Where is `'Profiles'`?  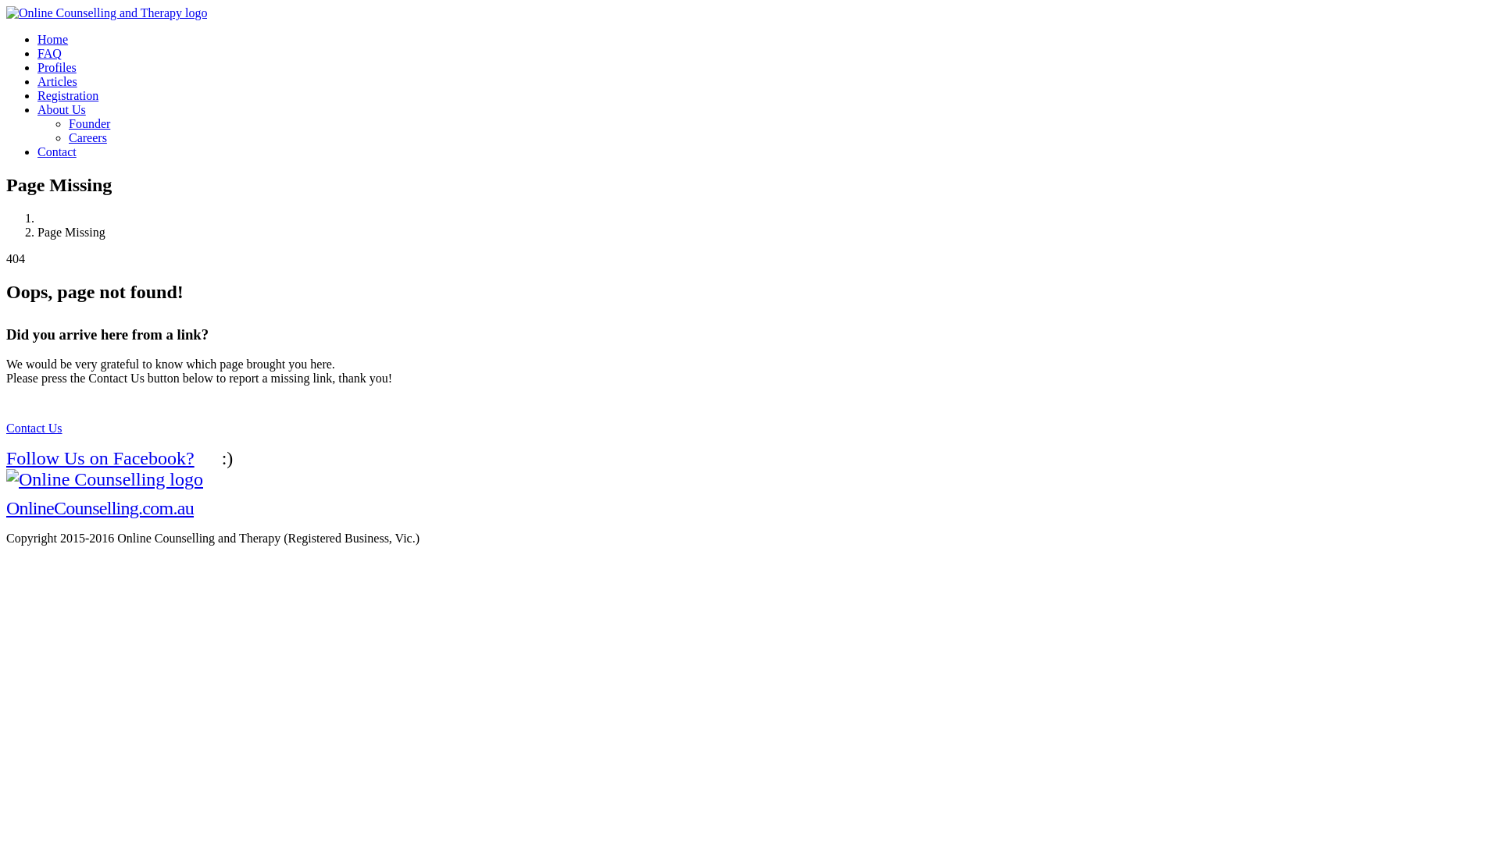 'Profiles' is located at coordinates (56, 66).